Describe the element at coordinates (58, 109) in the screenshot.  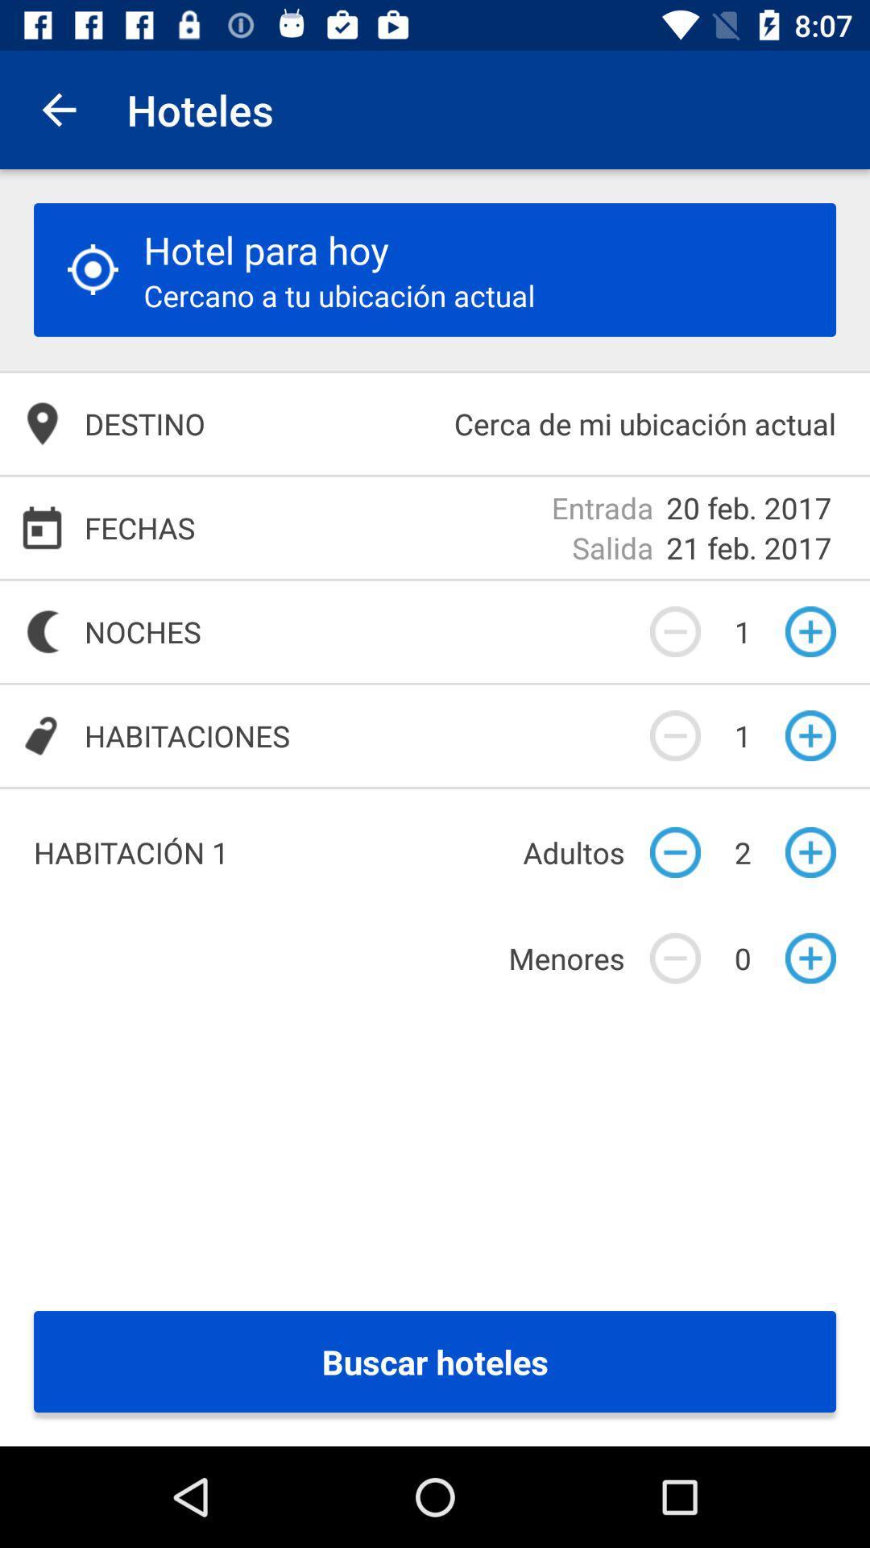
I see `item to the left of hoteles` at that location.